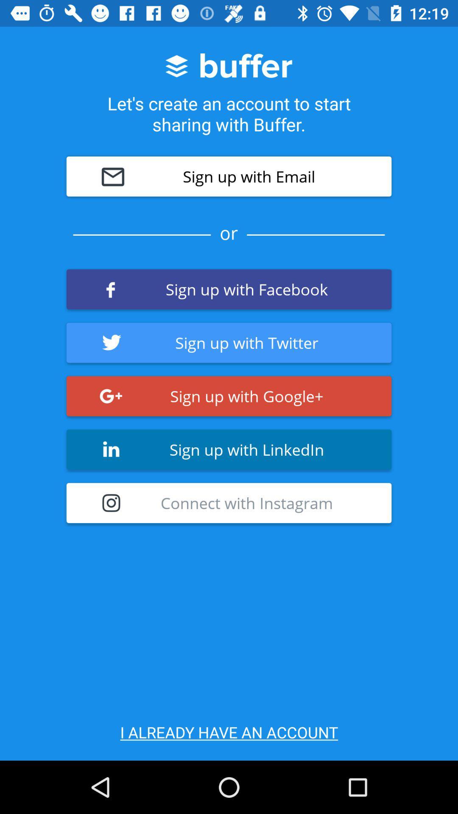 The height and width of the screenshot is (814, 458). Describe the element at coordinates (229, 503) in the screenshot. I see `connect with instagram item` at that location.